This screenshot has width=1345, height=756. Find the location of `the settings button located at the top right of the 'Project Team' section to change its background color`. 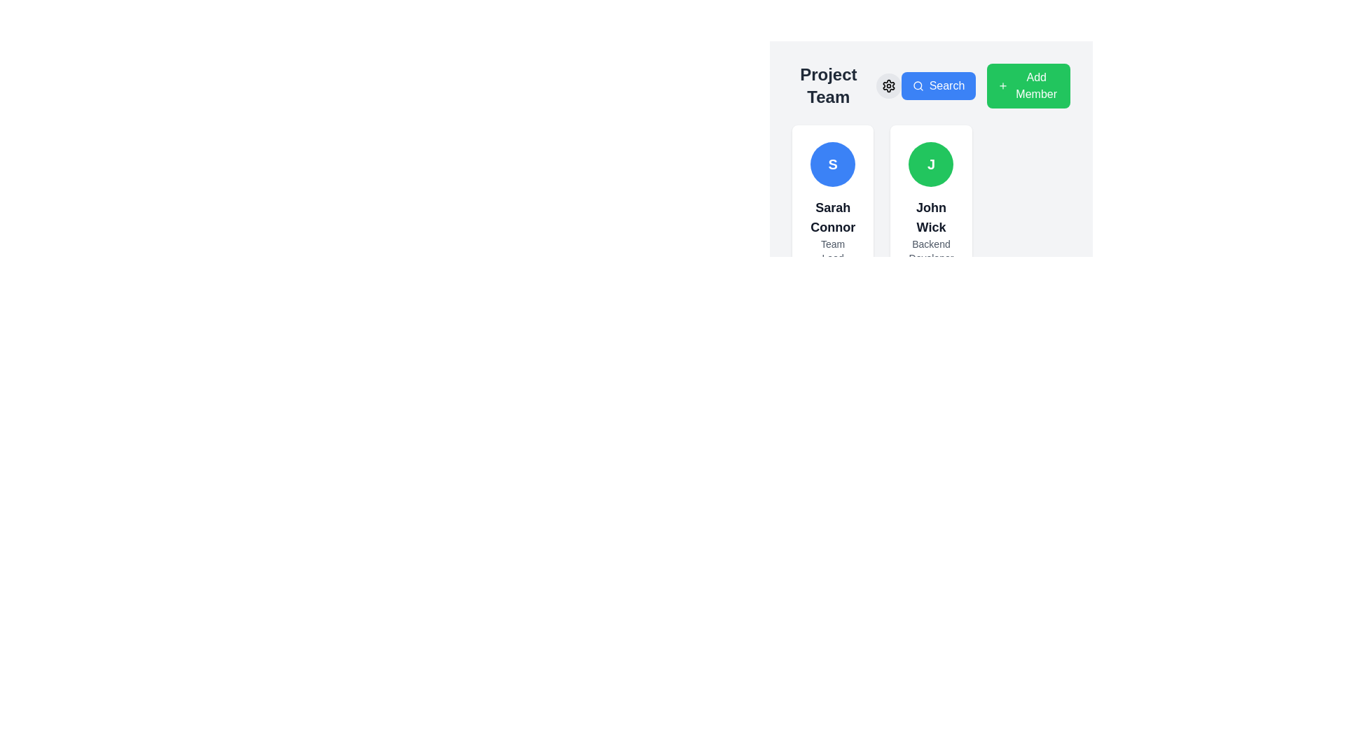

the settings button located at the top right of the 'Project Team' section to change its background color is located at coordinates (888, 86).